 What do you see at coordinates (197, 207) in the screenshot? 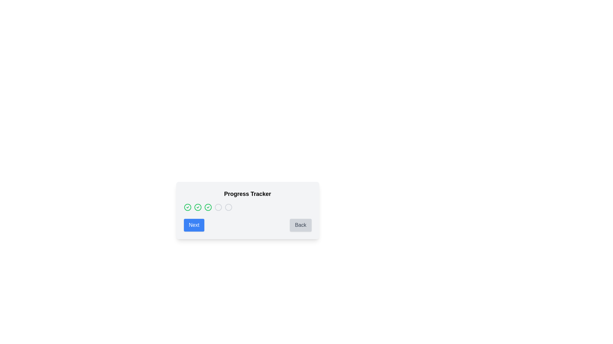
I see `the third circular status indicator in the progress tracker` at bounding box center [197, 207].